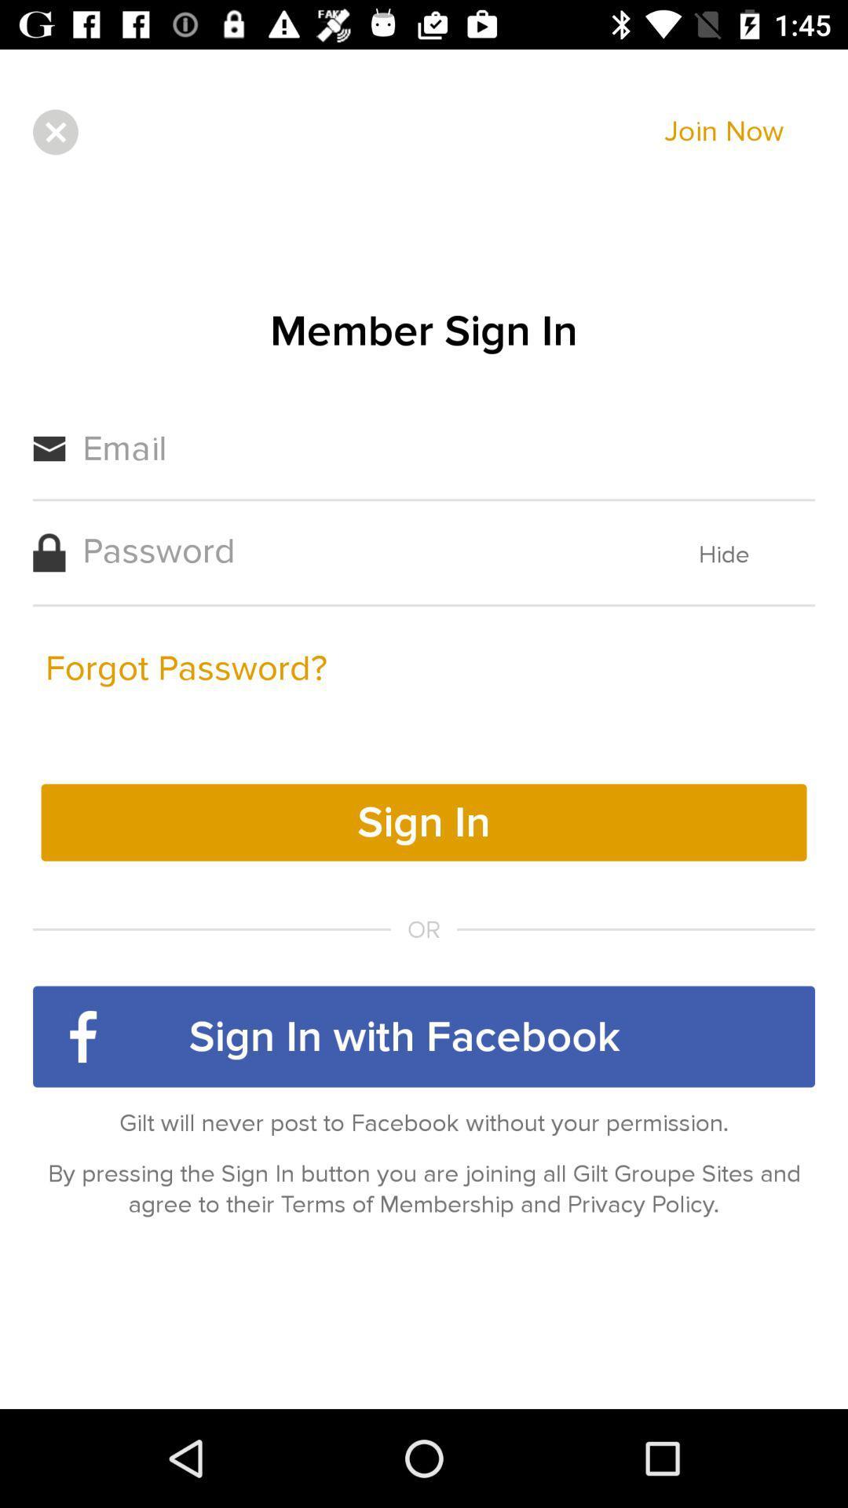  Describe the element at coordinates (424, 822) in the screenshot. I see `the yellow color button` at that location.